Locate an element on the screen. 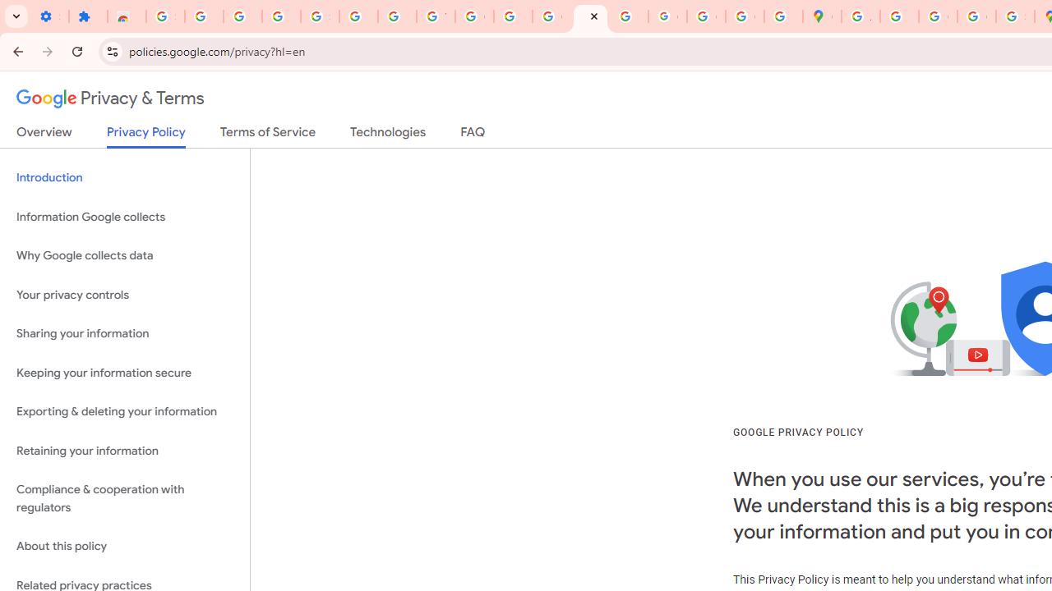  'Sharing your information' is located at coordinates (124, 333).